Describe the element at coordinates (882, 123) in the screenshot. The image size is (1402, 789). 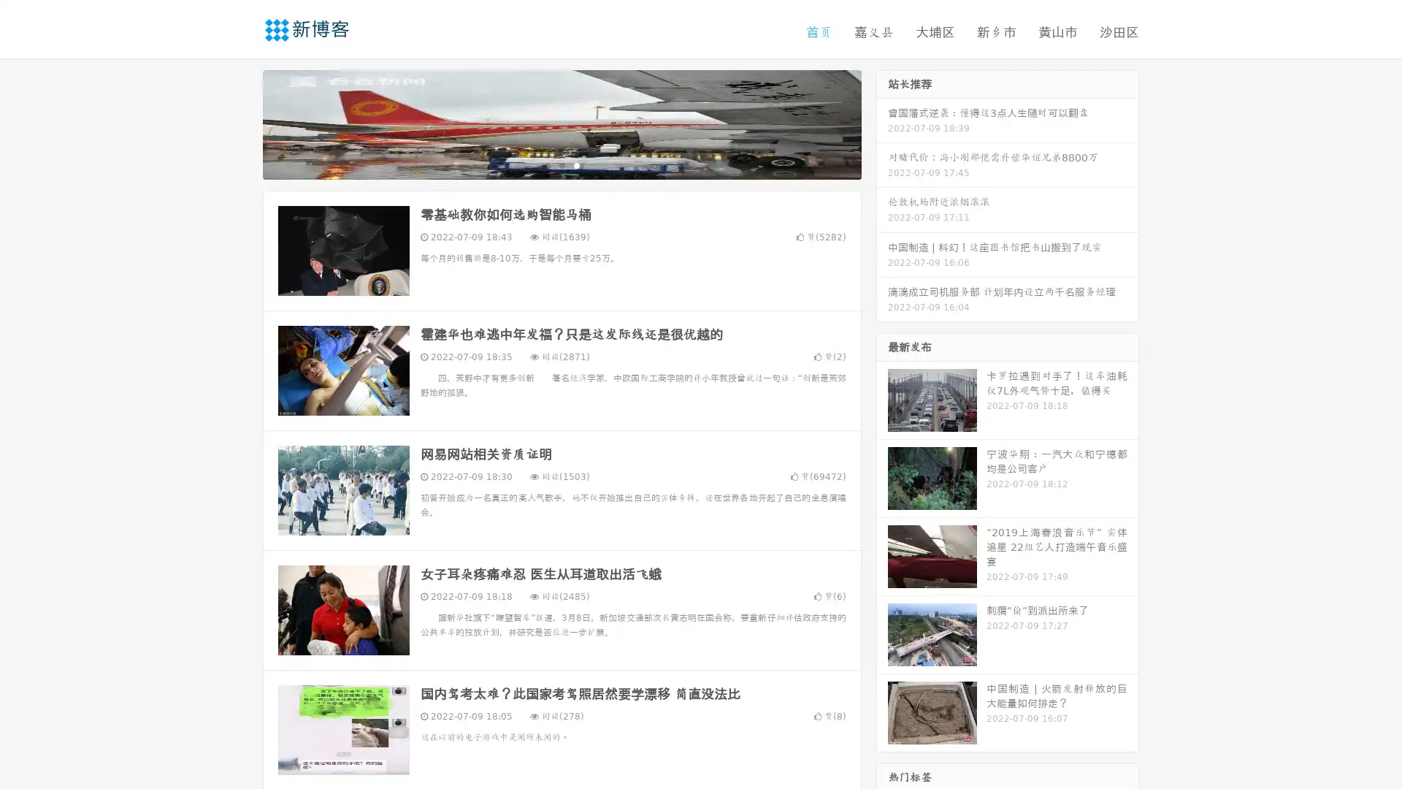
I see `Next slide` at that location.